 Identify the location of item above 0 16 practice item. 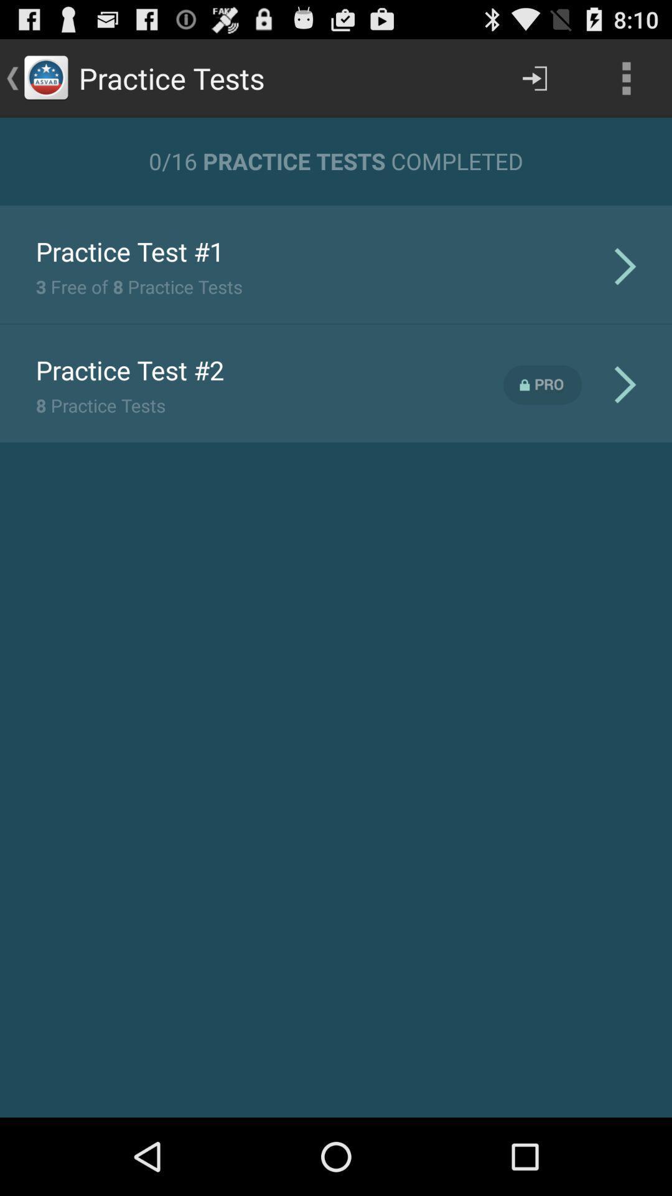
(534, 77).